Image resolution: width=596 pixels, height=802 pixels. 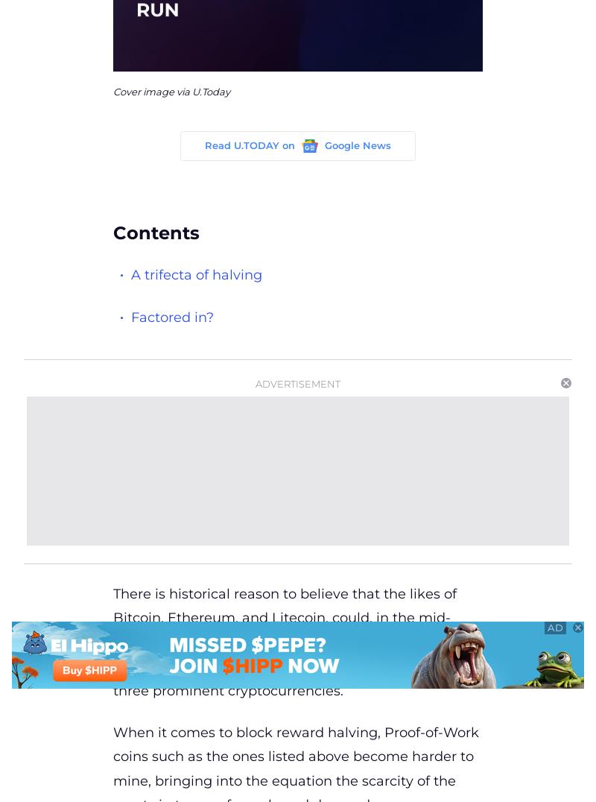 What do you see at coordinates (250, 144) in the screenshot?
I see `'Read U.TODAY on'` at bounding box center [250, 144].